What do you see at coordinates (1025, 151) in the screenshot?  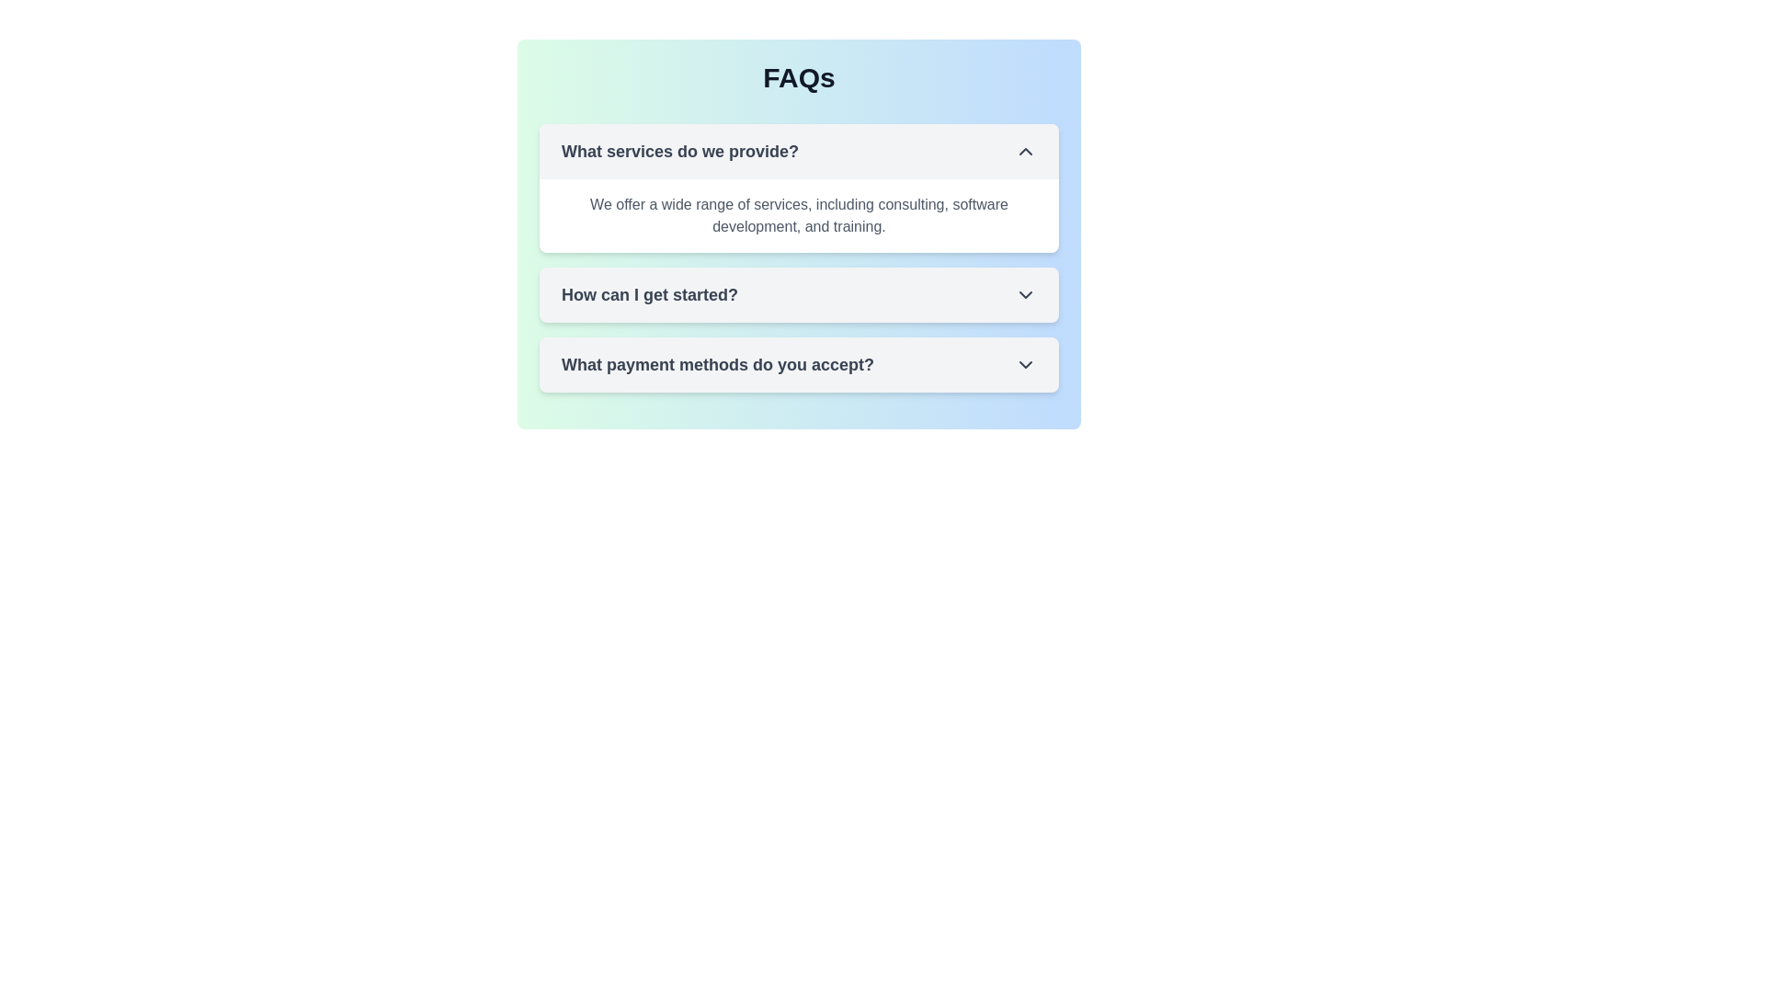 I see `the chevron-up icon in the FAQ section adjacent to the question 'What services do we provide?'` at bounding box center [1025, 151].